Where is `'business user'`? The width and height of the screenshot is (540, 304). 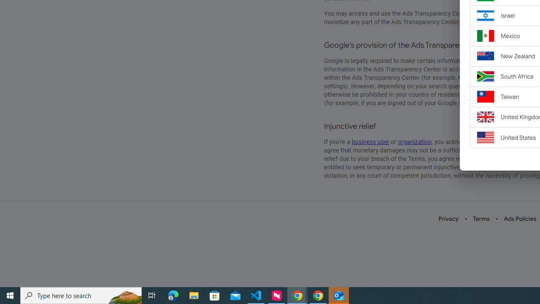 'business user' is located at coordinates (370, 141).